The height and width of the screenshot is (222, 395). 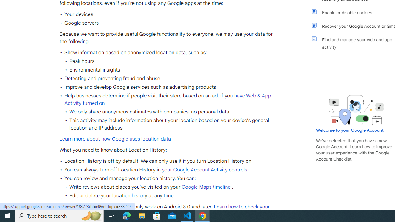 I want to click on 'Learning Center home page image', so click(x=355, y=110).